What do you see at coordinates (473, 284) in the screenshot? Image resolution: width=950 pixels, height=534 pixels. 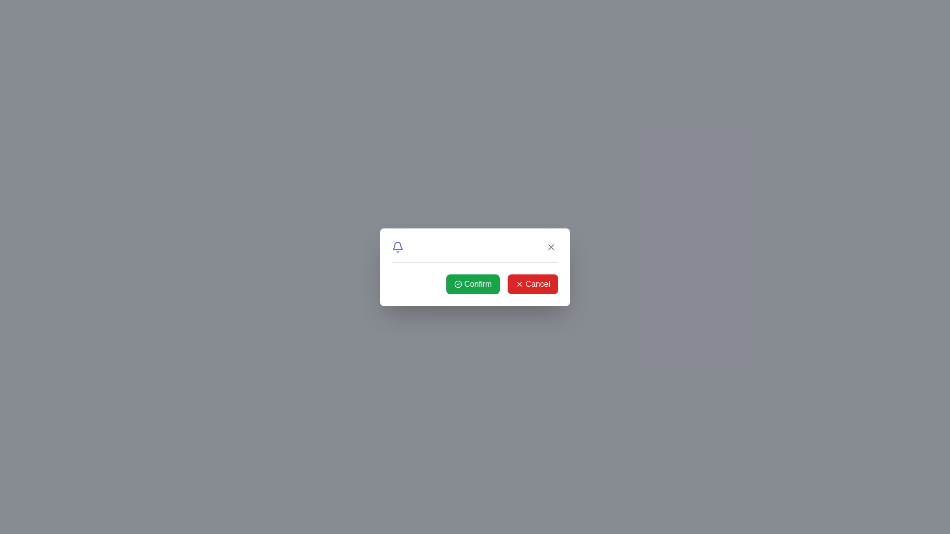 I see `the green 'Confirm' button with rounded edges and white text` at bounding box center [473, 284].